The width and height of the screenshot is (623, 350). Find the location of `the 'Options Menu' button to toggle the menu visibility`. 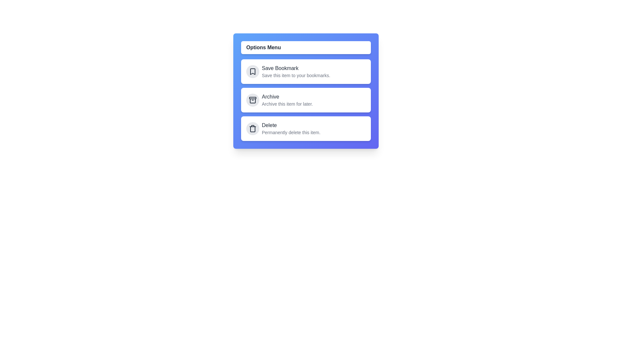

the 'Options Menu' button to toggle the menu visibility is located at coordinates (305, 47).